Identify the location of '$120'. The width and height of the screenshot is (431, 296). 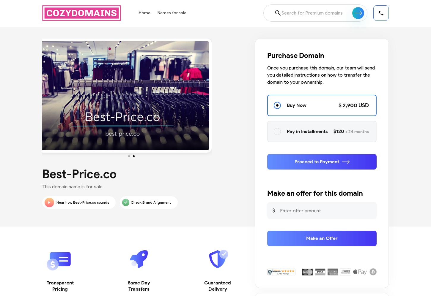
(339, 131).